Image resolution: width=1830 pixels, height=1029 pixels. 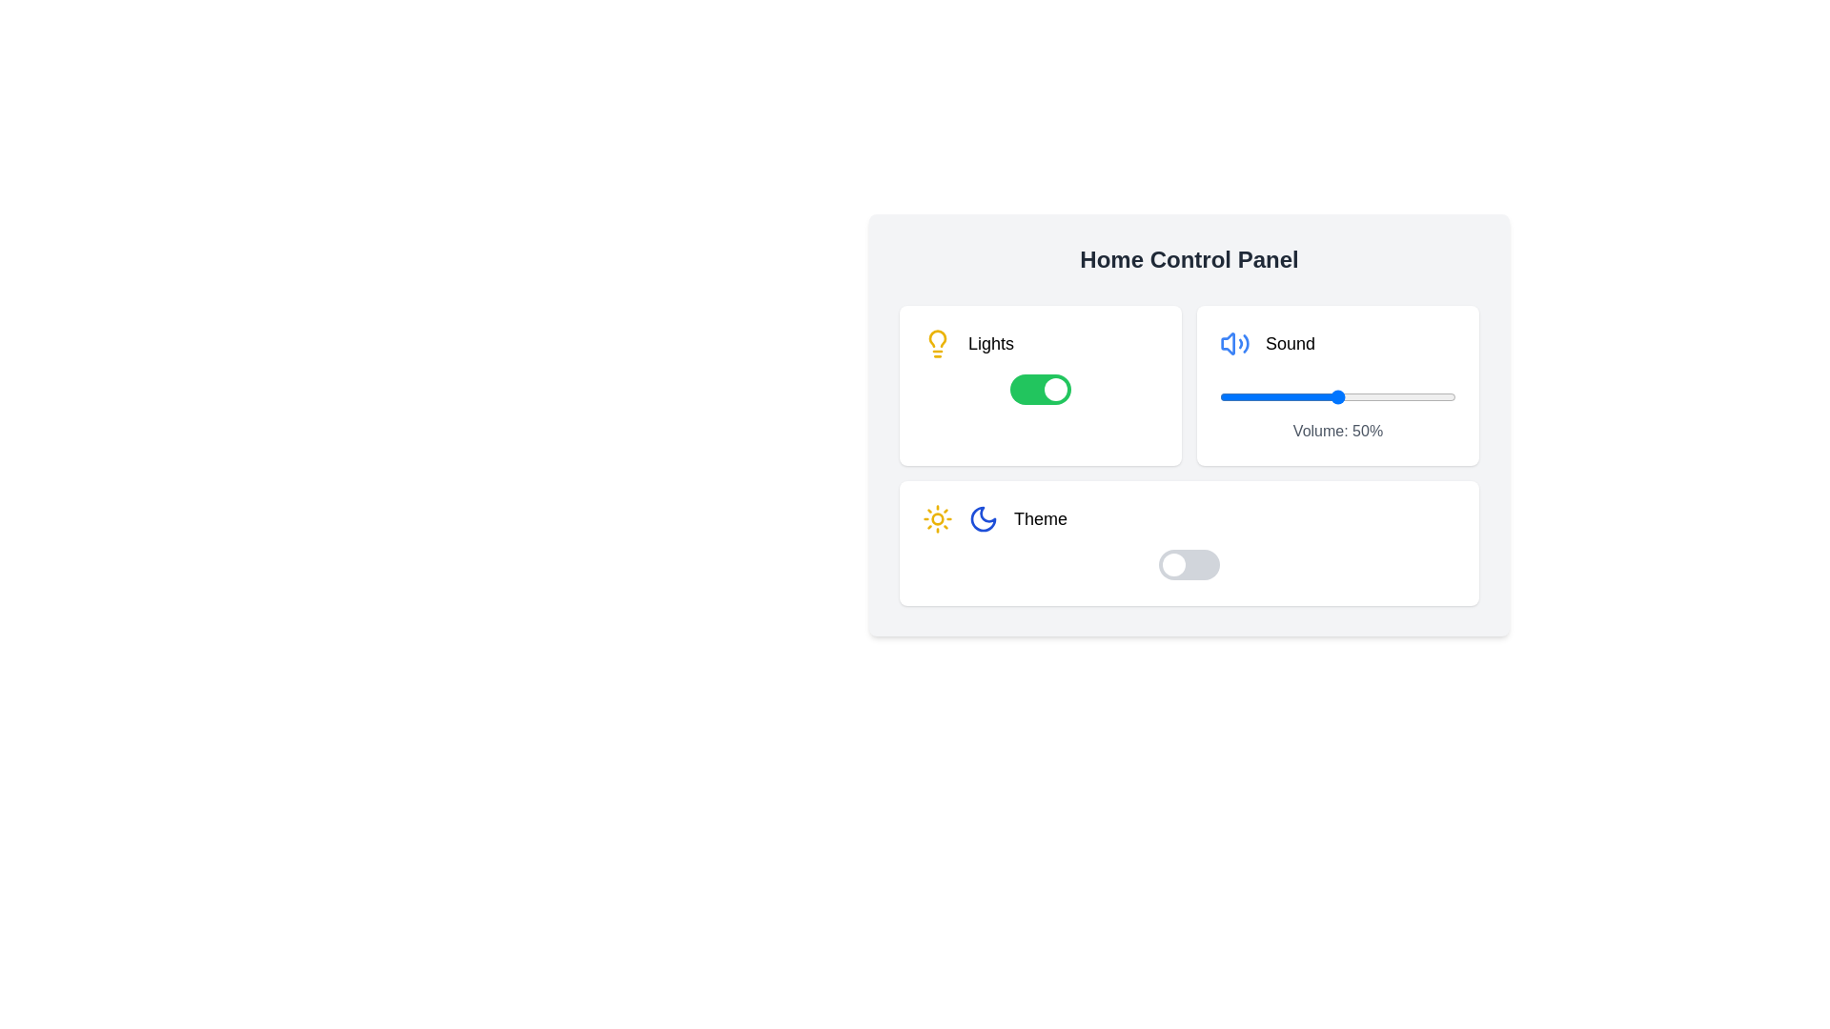 I want to click on the toggle switch knob located within the 'Theme' switch in the bottom-left quadrant of the 'Home Control Panel', so click(x=1173, y=564).